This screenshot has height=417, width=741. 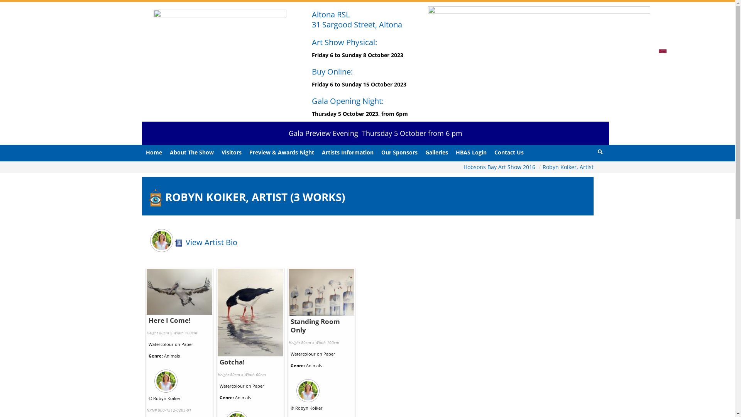 What do you see at coordinates (231, 152) in the screenshot?
I see `'Visitors'` at bounding box center [231, 152].